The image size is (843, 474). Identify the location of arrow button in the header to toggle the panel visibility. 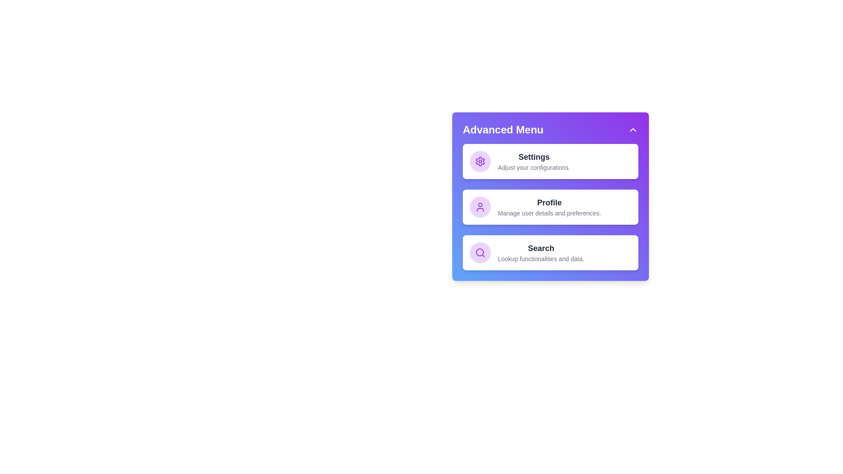
(633, 130).